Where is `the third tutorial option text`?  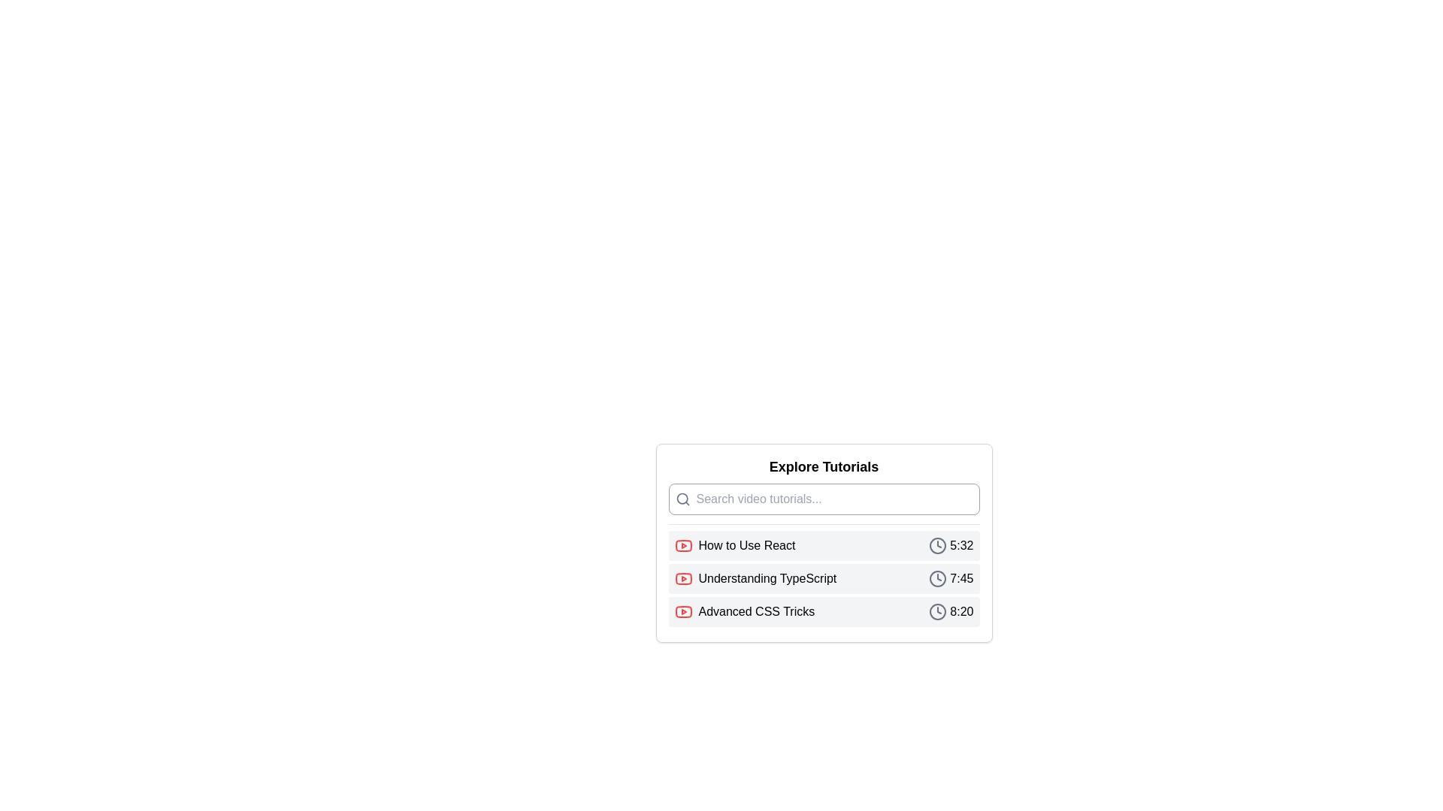 the third tutorial option text is located at coordinates (756, 611).